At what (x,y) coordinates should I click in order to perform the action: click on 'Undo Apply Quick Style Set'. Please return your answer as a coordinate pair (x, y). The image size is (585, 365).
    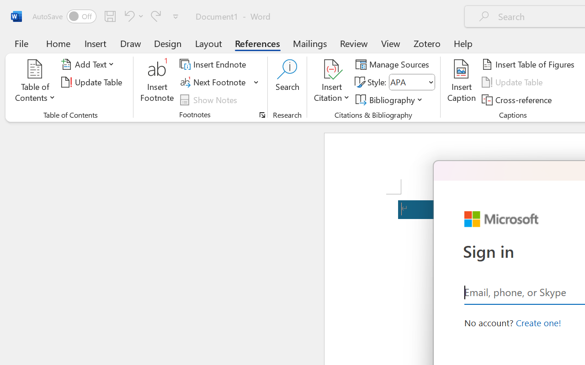
    Looking at the image, I should click on (128, 16).